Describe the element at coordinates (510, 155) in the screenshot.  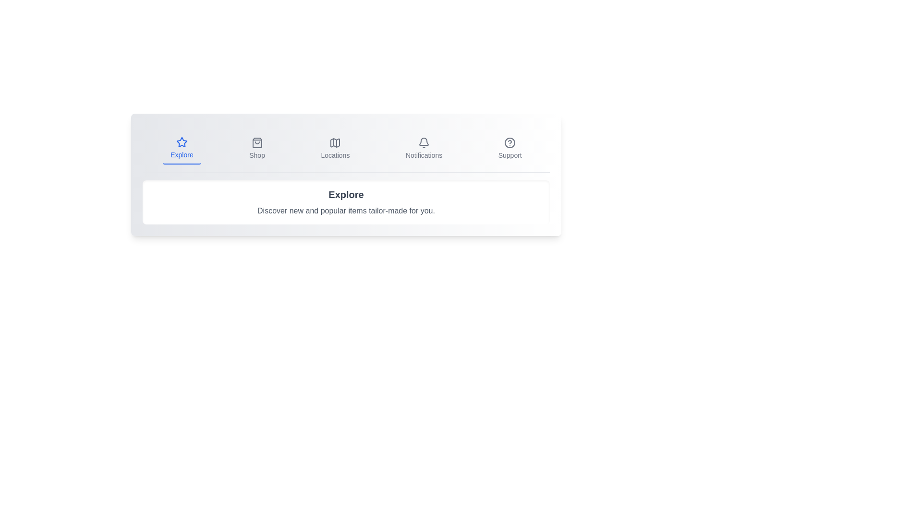
I see `the 'Support' text label located beneath the circular help icon in the navigation bar, which is the fifth item from the left` at that location.